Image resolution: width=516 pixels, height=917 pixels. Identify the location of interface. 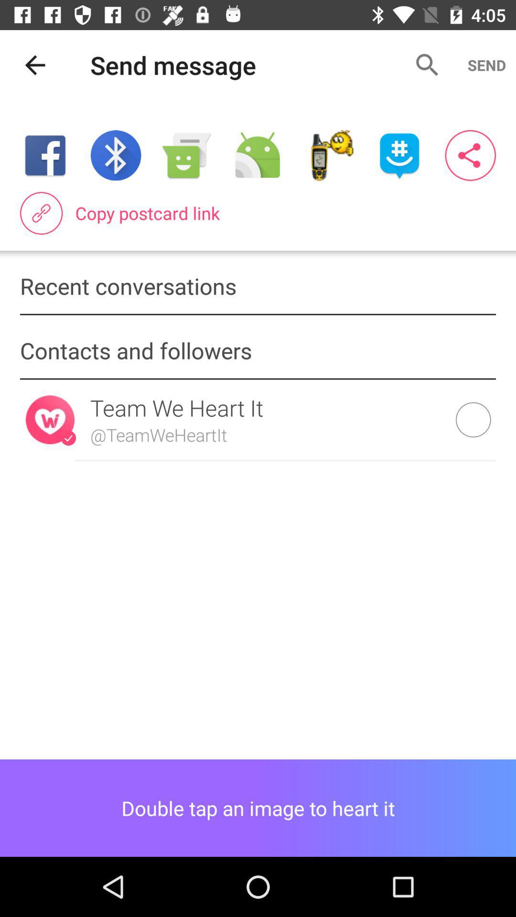
(470, 155).